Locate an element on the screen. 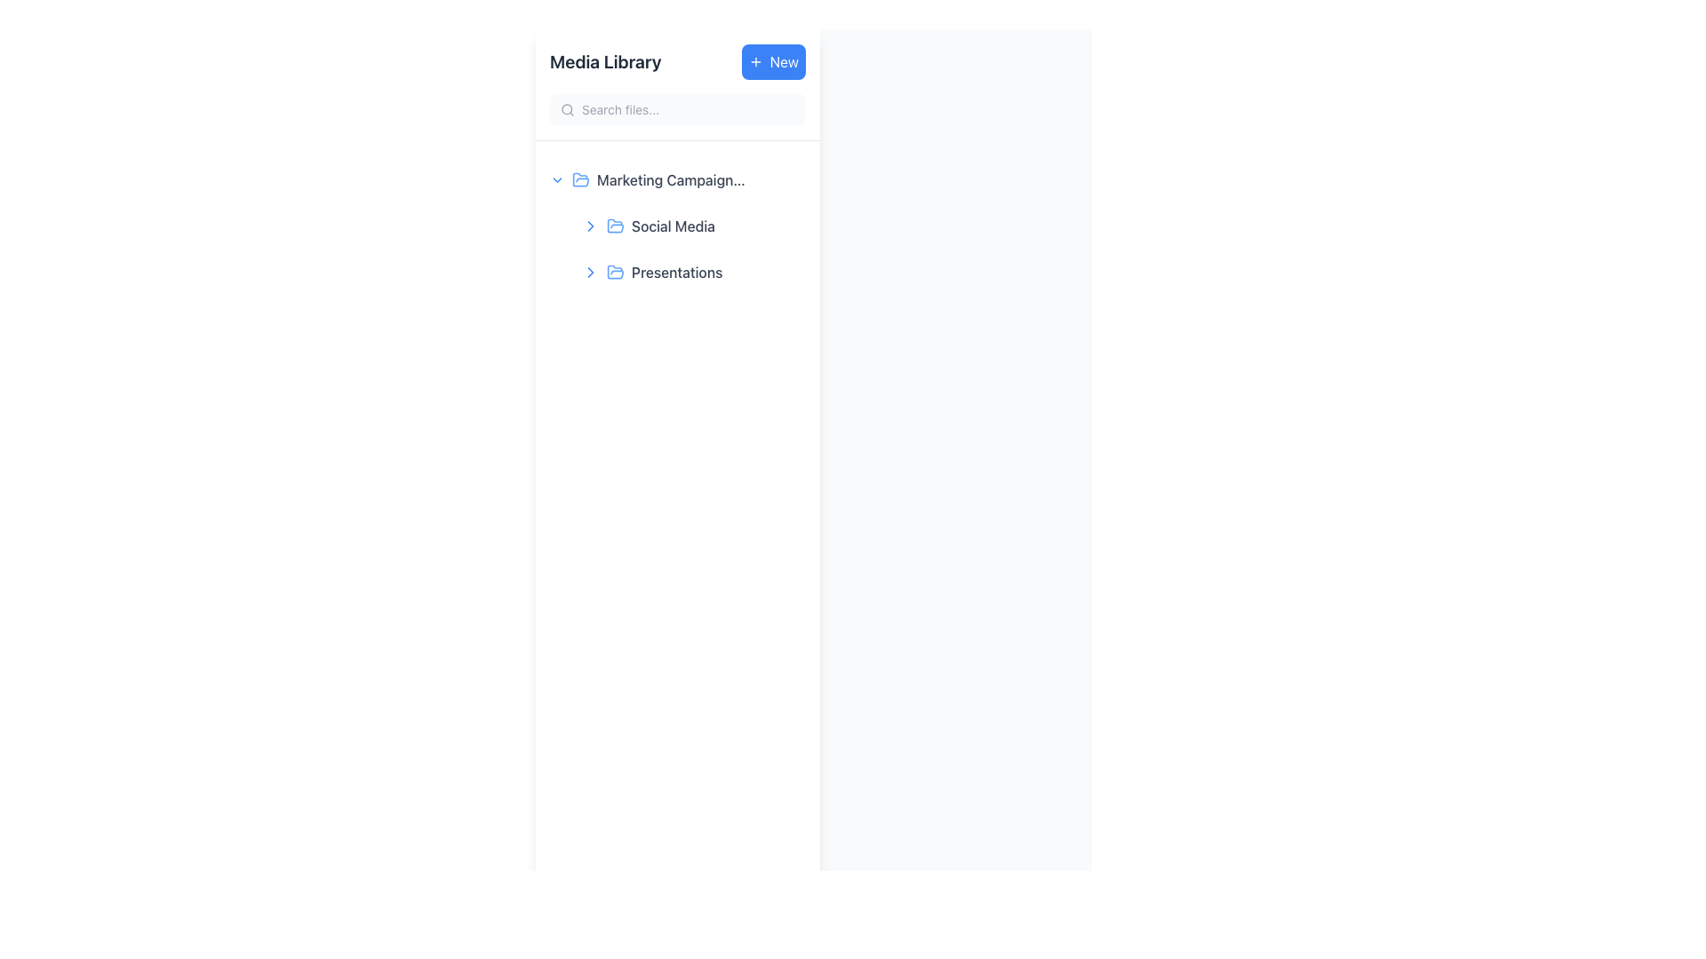 This screenshot has height=959, width=1706. the SVG icon representing the 'New' button functionality is located at coordinates (755, 60).